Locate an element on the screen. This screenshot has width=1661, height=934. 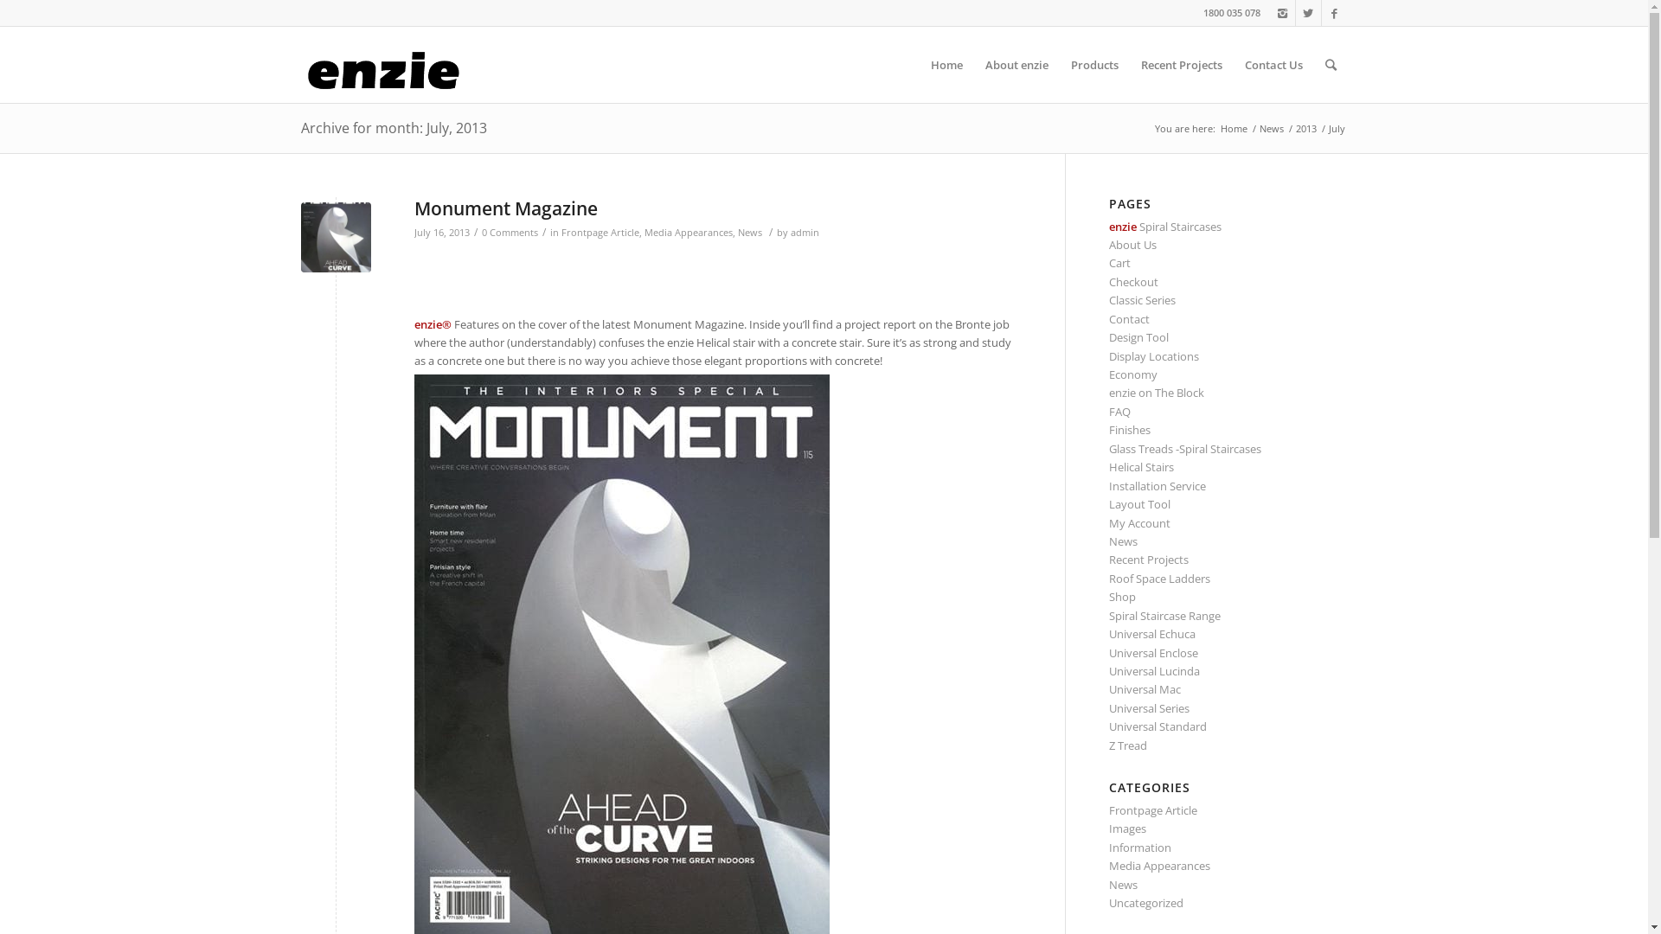
'Universal Echuca' is located at coordinates (1152, 633).